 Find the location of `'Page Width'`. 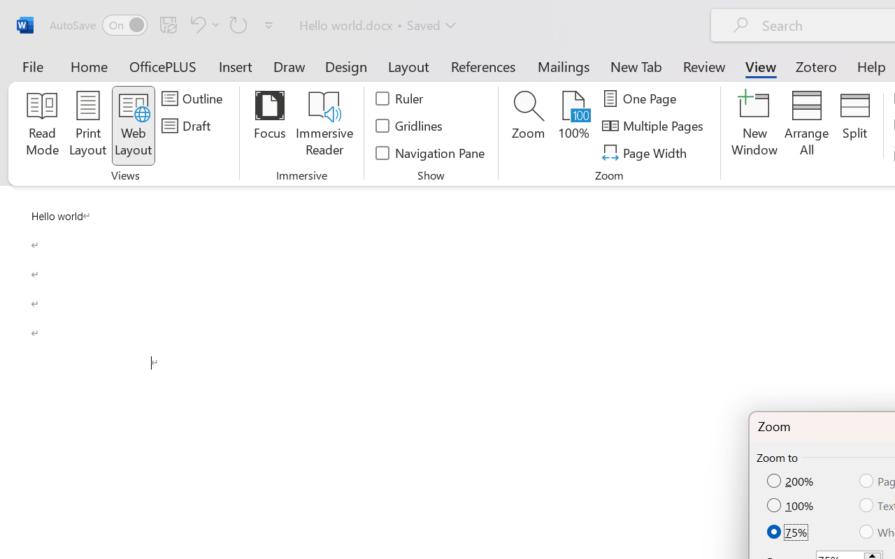

'Page Width' is located at coordinates (645, 152).